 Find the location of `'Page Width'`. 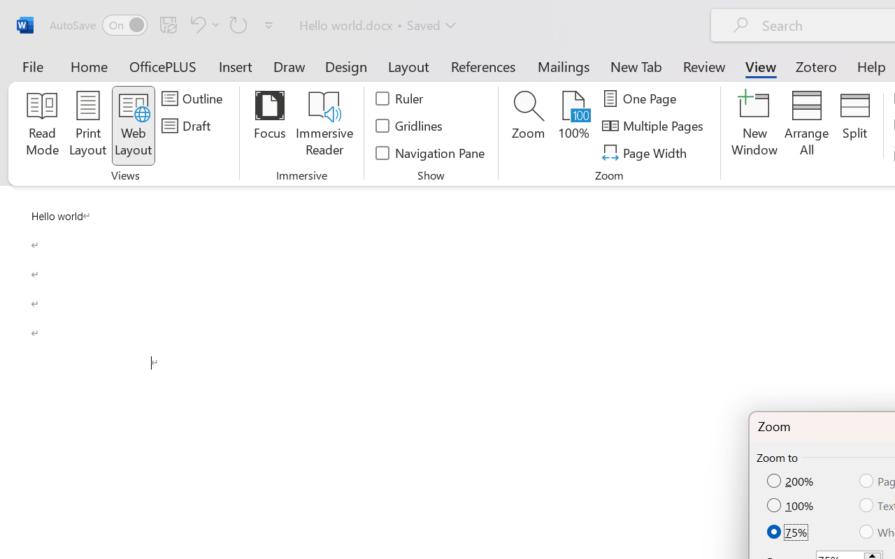

'Page Width' is located at coordinates (645, 152).